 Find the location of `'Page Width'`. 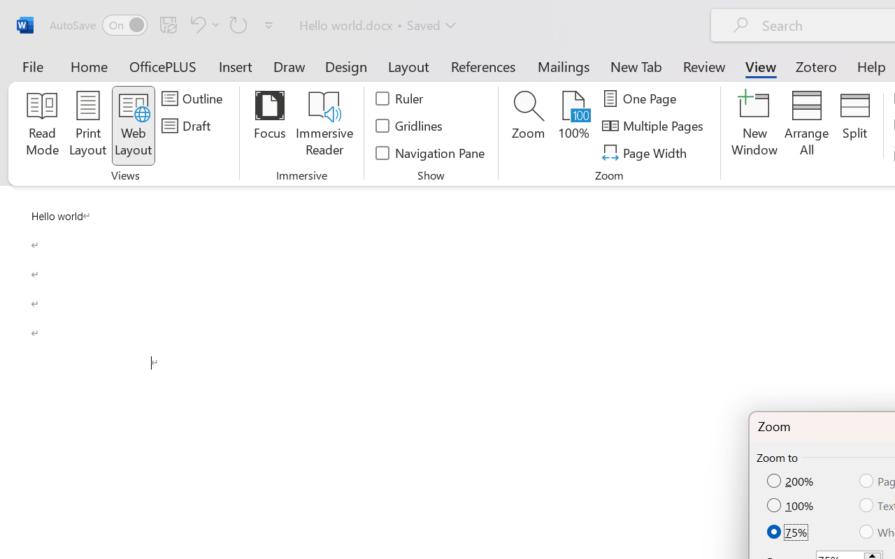

'Page Width' is located at coordinates (645, 152).